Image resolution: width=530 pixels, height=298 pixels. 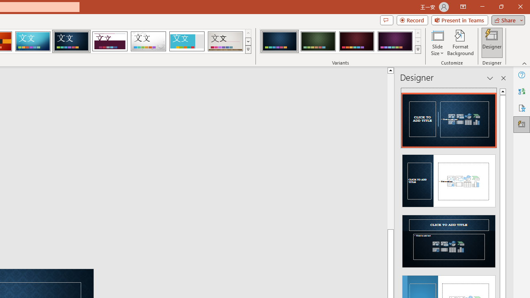 What do you see at coordinates (186, 41) in the screenshot?
I see `'Frame'` at bounding box center [186, 41].